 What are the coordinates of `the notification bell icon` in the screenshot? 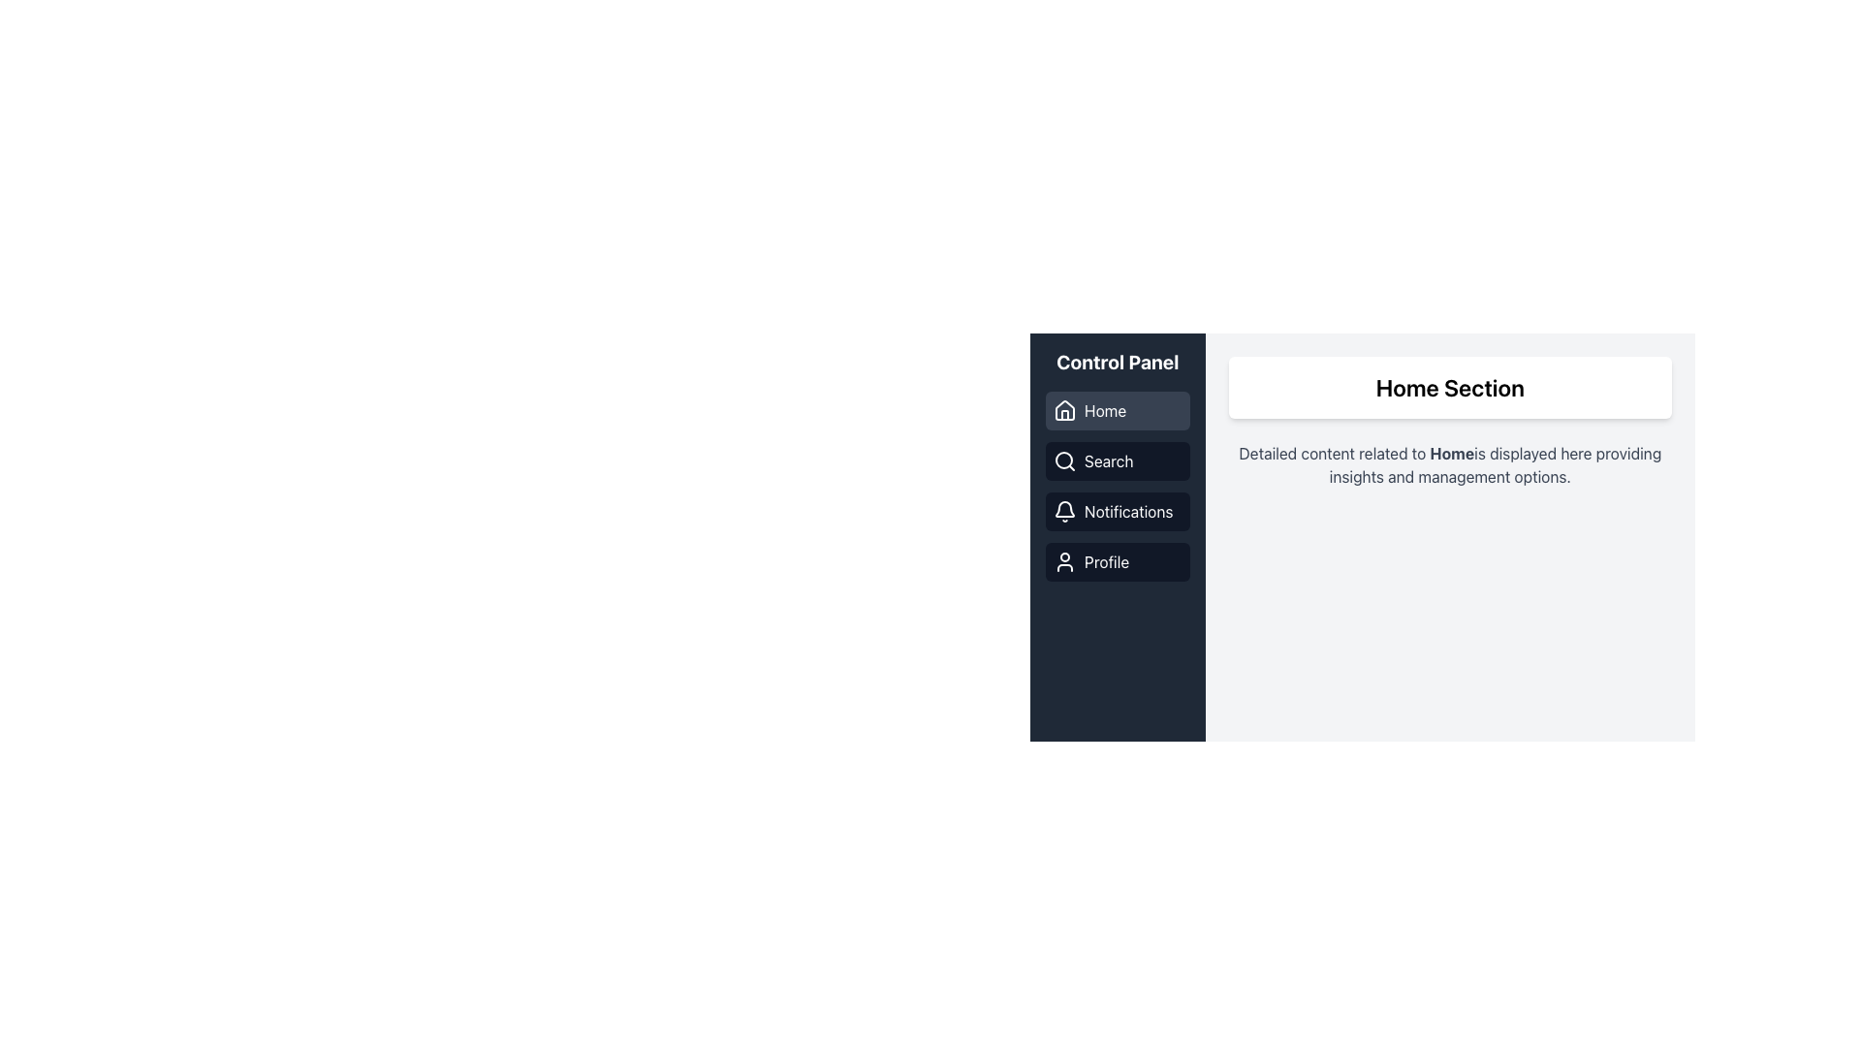 It's located at (1064, 508).